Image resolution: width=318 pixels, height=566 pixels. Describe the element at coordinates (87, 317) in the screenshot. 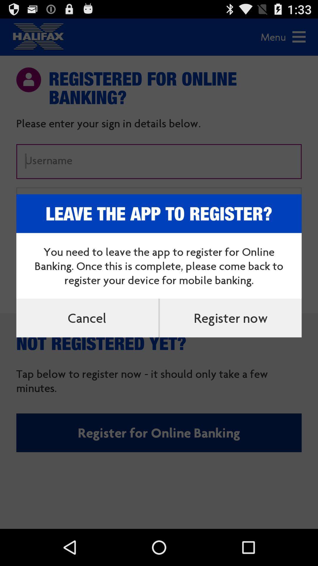

I see `the cancel item` at that location.